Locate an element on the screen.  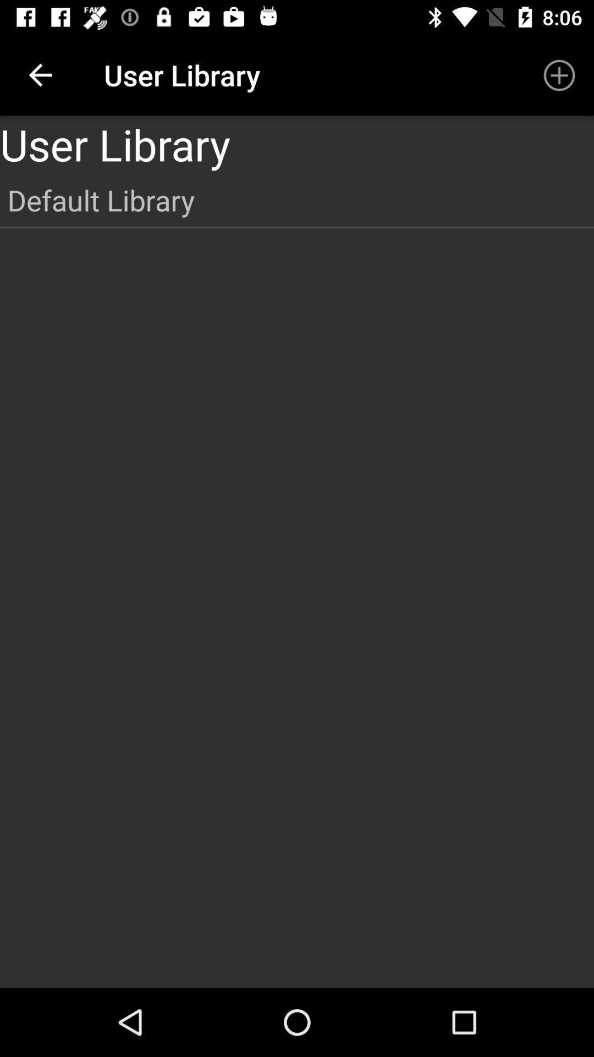
the app to the left of user library item is located at coordinates (40, 74).